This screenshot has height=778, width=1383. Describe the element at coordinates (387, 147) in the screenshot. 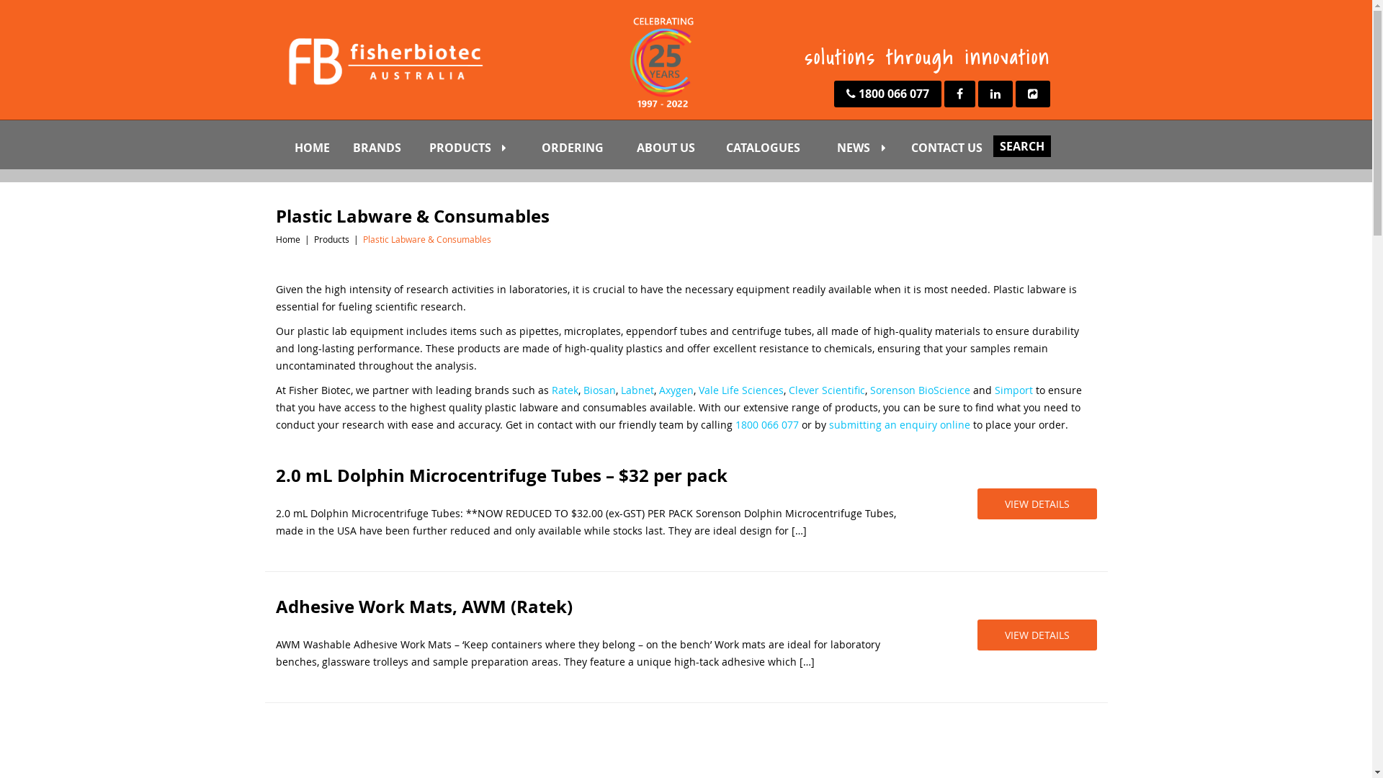

I see `'BRANDS'` at that location.